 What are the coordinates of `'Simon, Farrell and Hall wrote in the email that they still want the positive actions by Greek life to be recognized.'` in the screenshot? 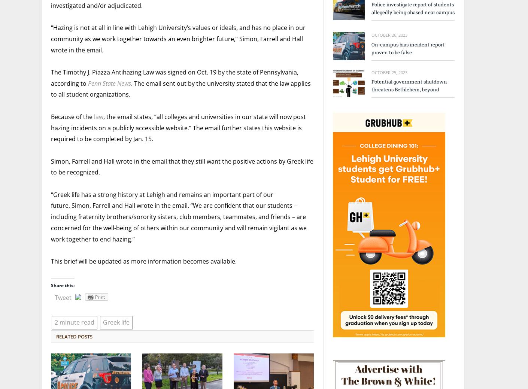 It's located at (182, 166).